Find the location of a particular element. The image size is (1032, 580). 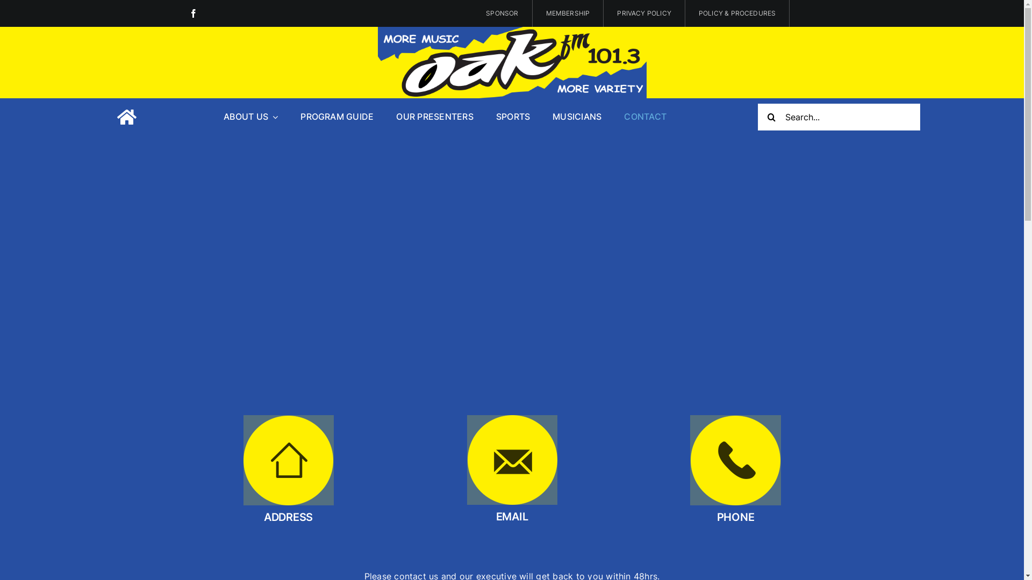

'PRIVACY POLICY' is located at coordinates (604, 13).